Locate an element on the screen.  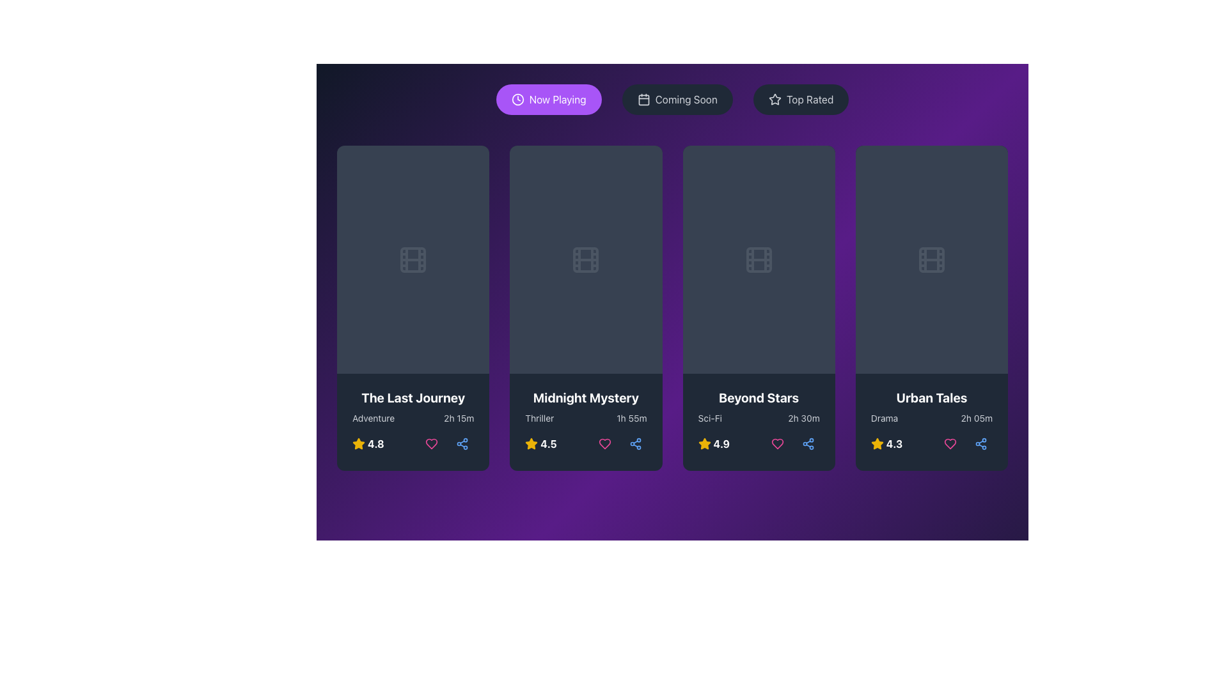
the bold textual label displaying the title 'Midnight Mystery' in a white font, located at the top of the second column of movie cards is located at coordinates (585, 397).